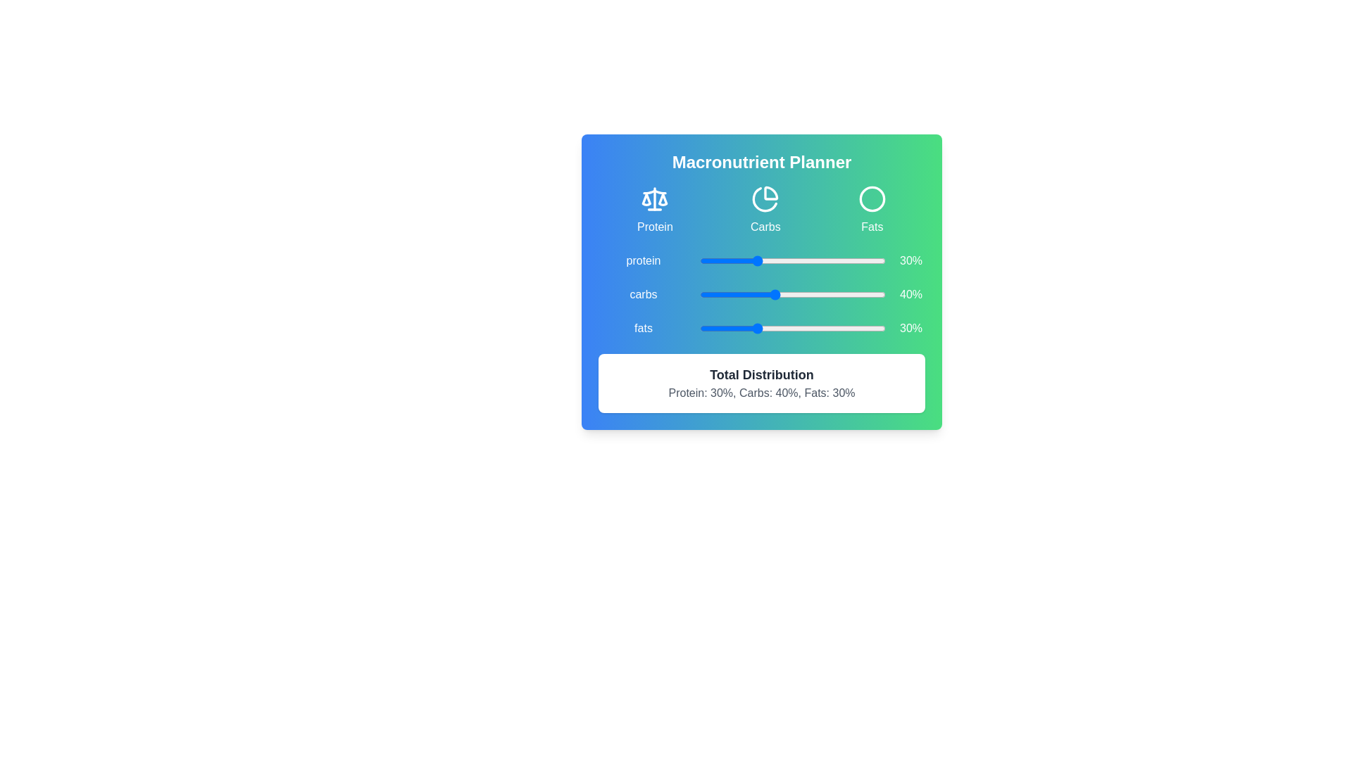 The image size is (1352, 760). I want to click on the pie chart icon rendered in white lines, which is located above the 'Carbs' text label in the 'Macronutrient Planner' interface, so click(765, 198).